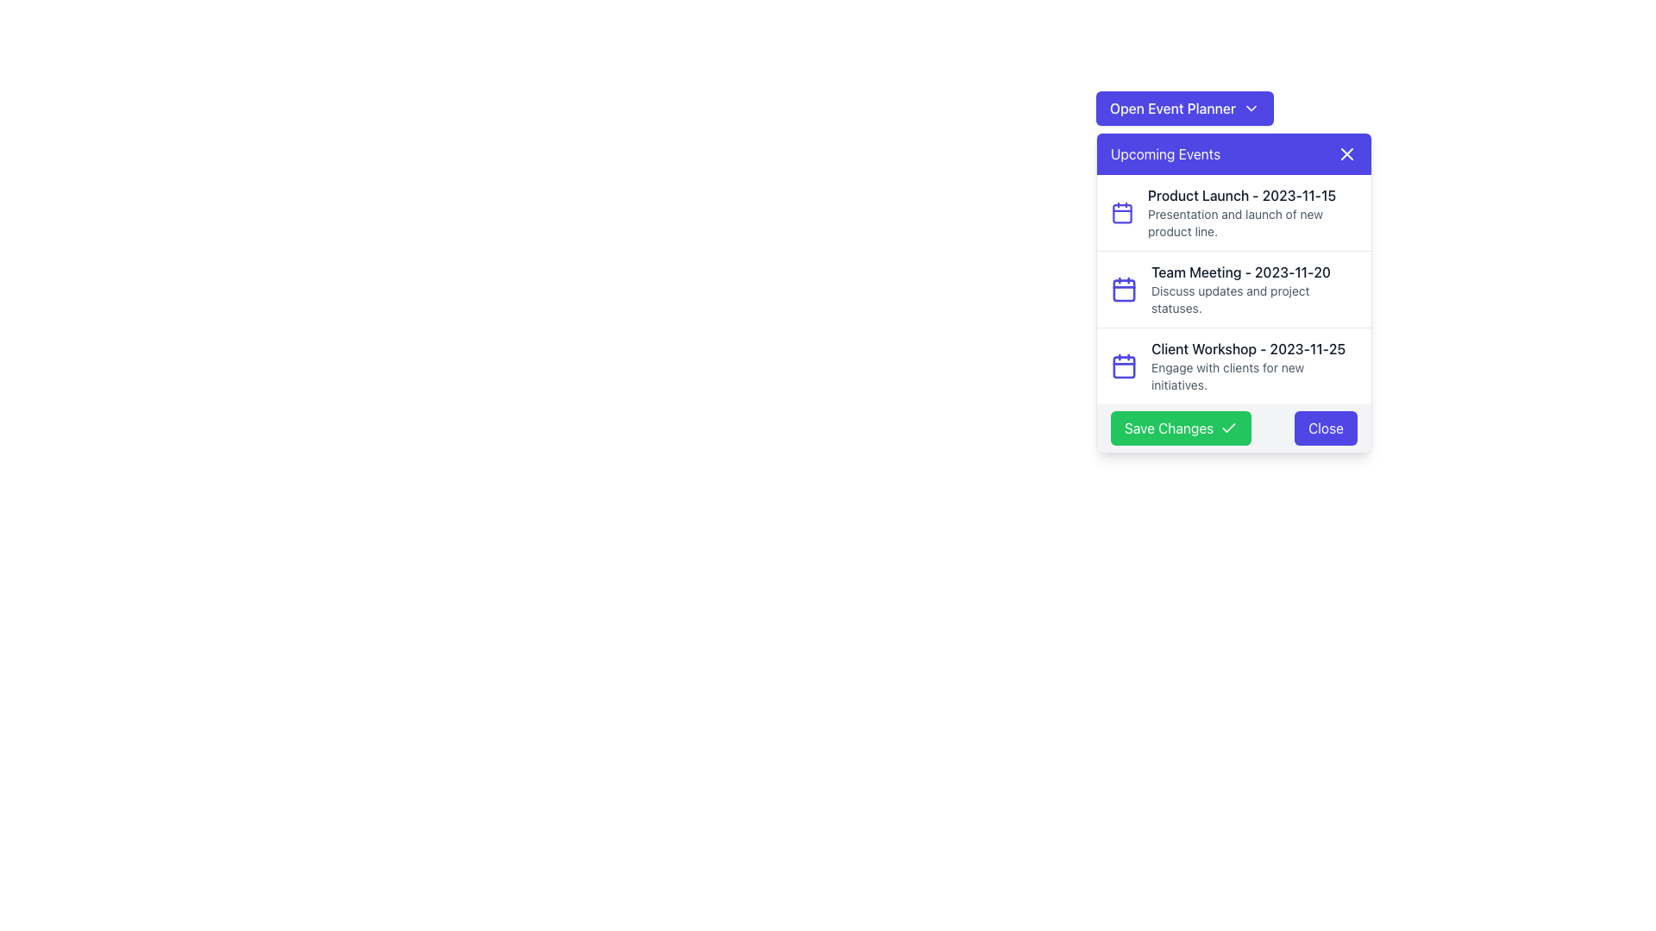  Describe the element at coordinates (1345, 153) in the screenshot. I see `the close button of the 'Upcoming Events' panel` at that location.